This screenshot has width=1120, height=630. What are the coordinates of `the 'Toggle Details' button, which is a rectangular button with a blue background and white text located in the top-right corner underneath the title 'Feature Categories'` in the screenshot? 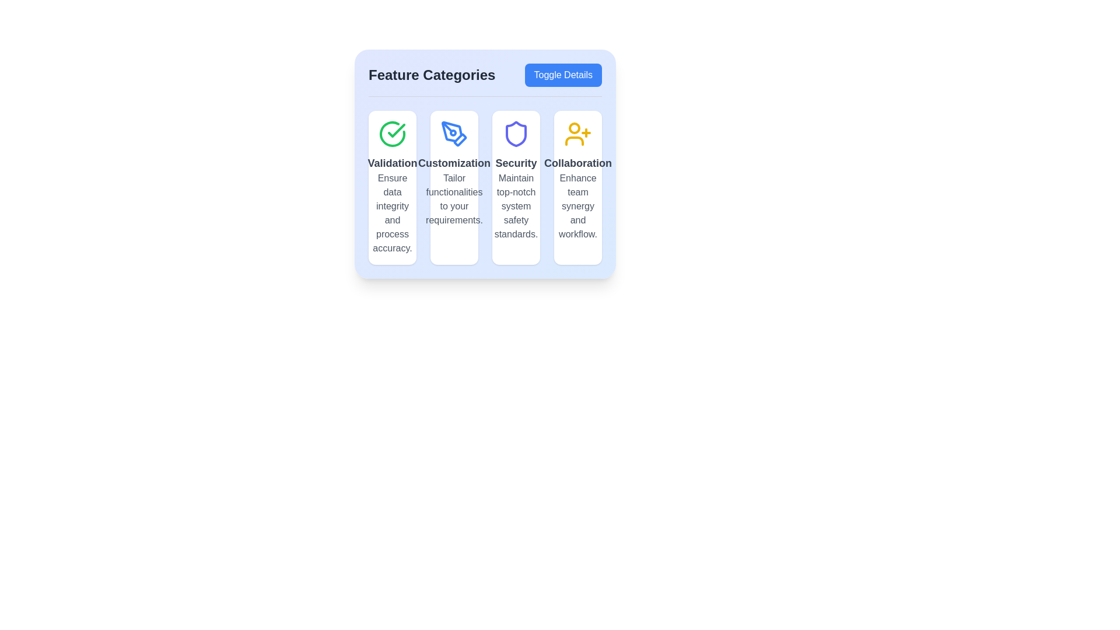 It's located at (563, 75).